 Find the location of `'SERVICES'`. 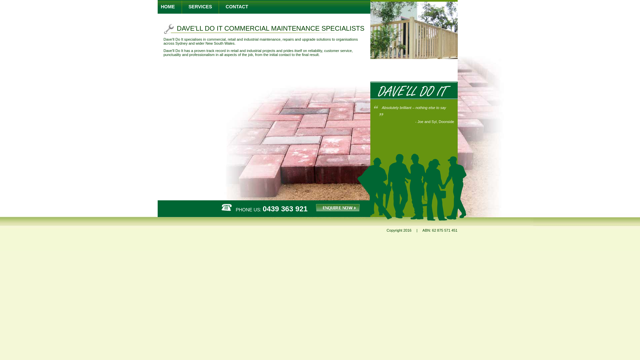

'SERVICES' is located at coordinates (188, 7).